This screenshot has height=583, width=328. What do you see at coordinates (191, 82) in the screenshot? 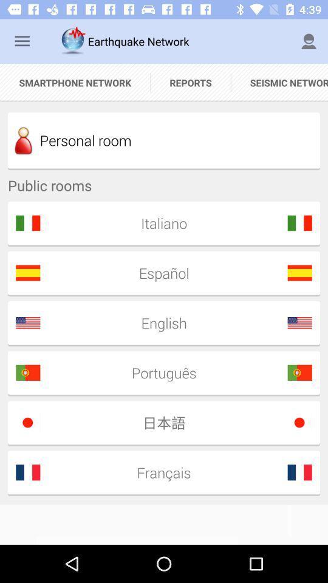
I see `the reports item` at bounding box center [191, 82].